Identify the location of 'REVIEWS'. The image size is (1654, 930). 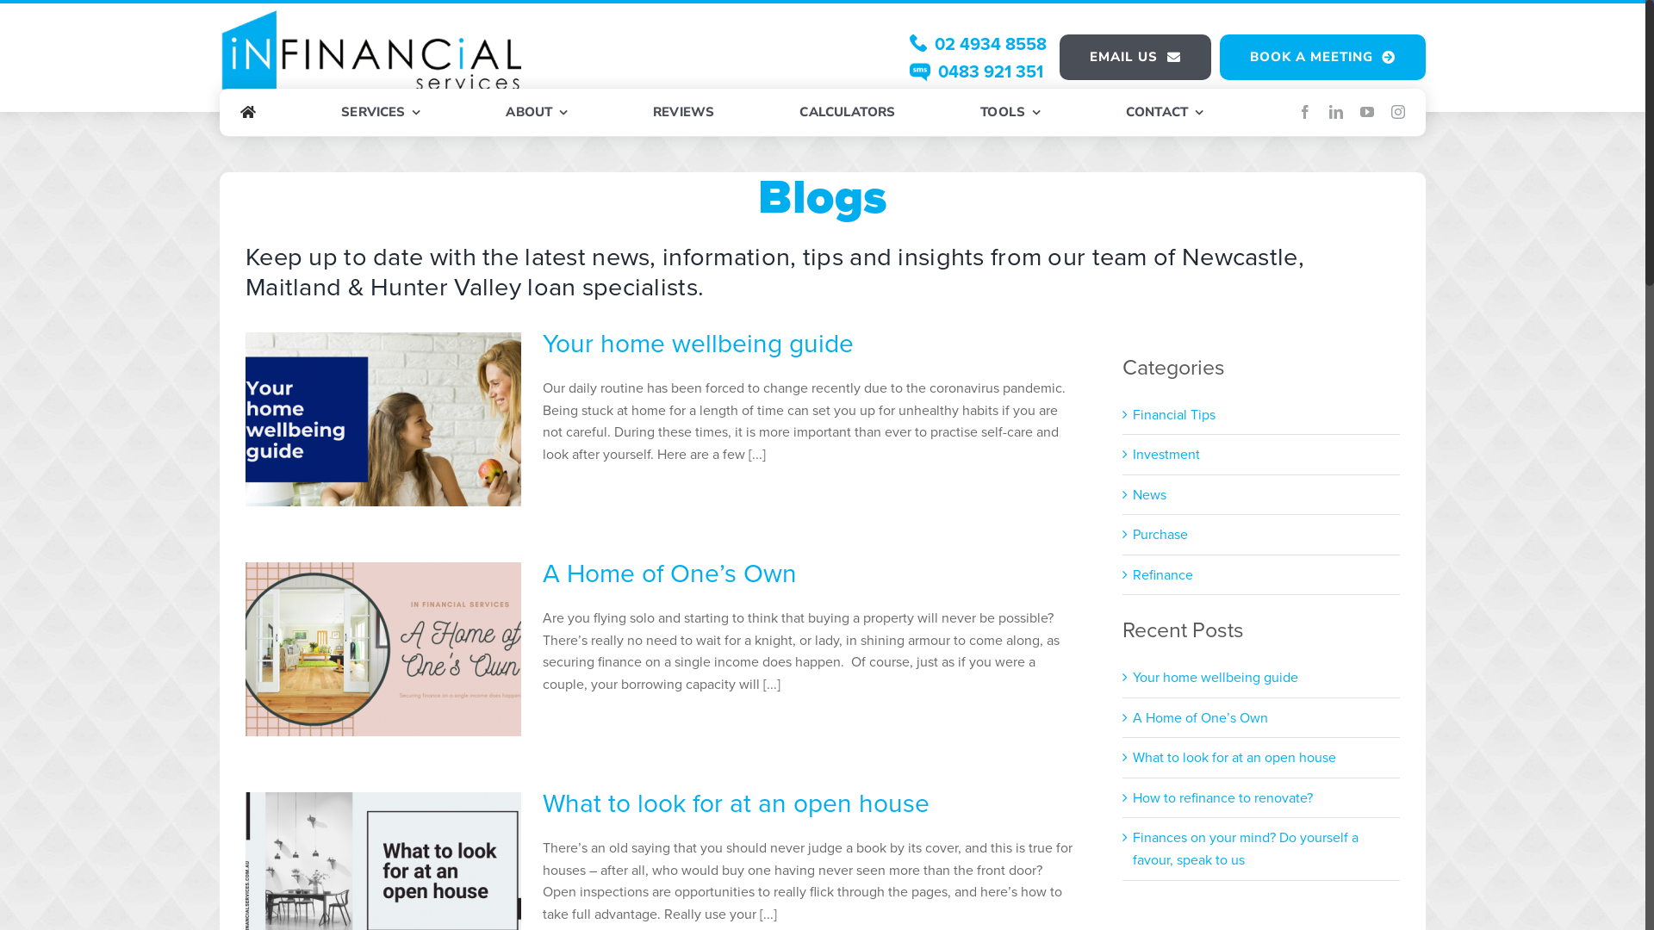
(682, 113).